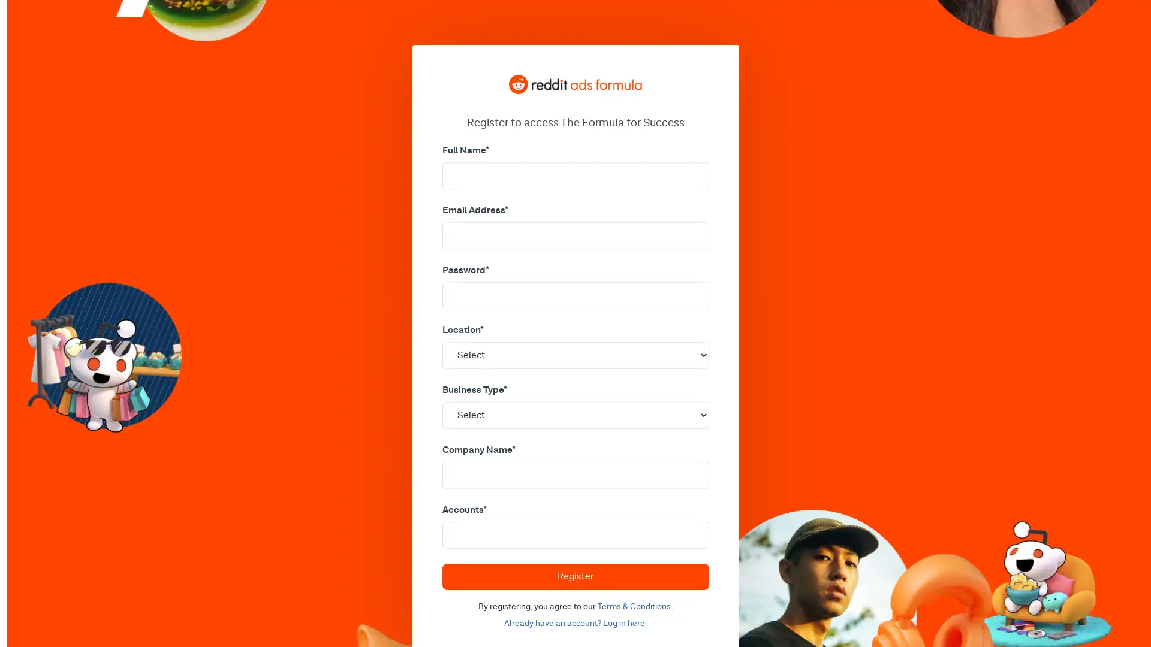  What do you see at coordinates (574, 575) in the screenshot?
I see `Register` at bounding box center [574, 575].